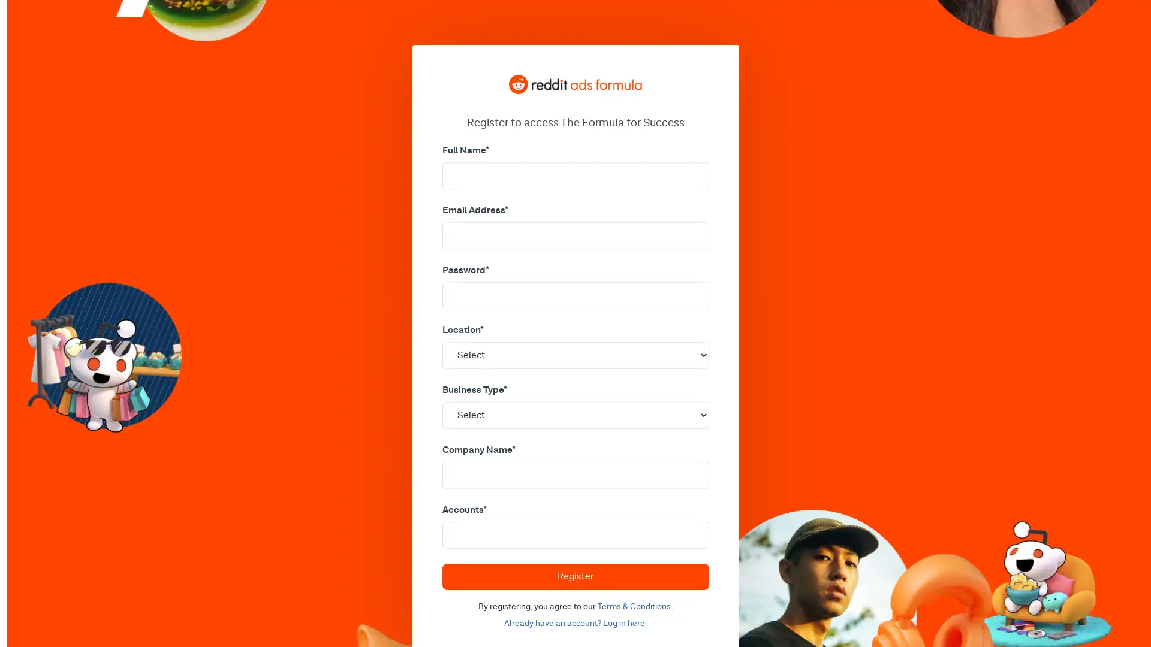  What do you see at coordinates (574, 575) in the screenshot?
I see `Register` at bounding box center [574, 575].